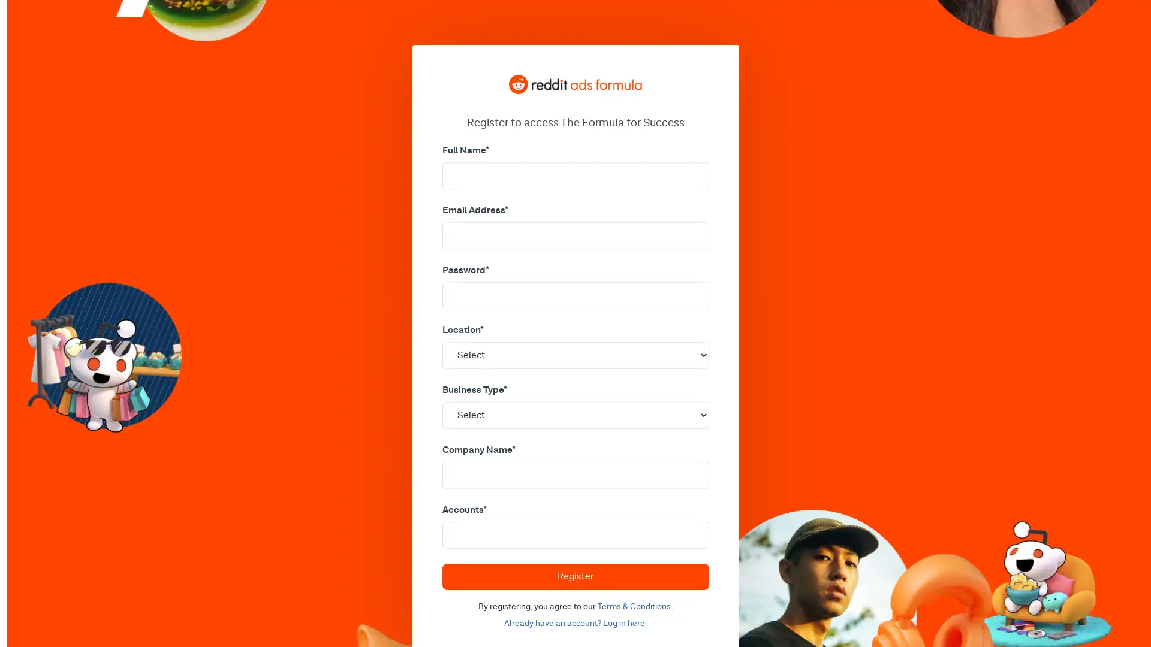  What do you see at coordinates (574, 575) in the screenshot?
I see `Register` at bounding box center [574, 575].